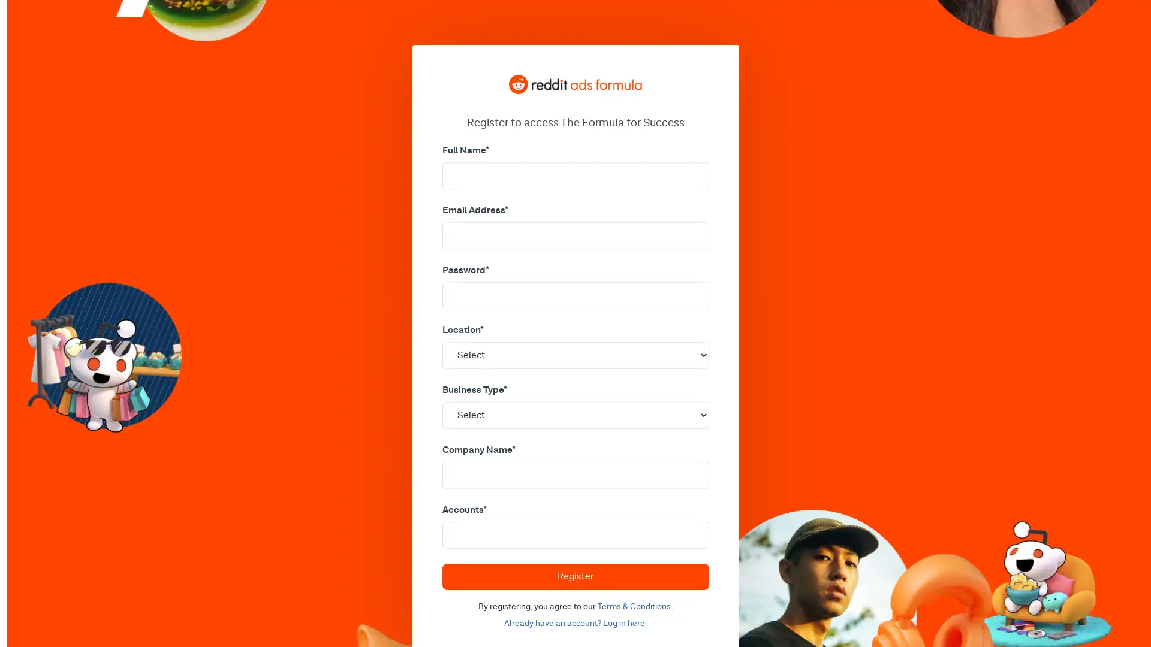  What do you see at coordinates (574, 575) in the screenshot?
I see `Register` at bounding box center [574, 575].